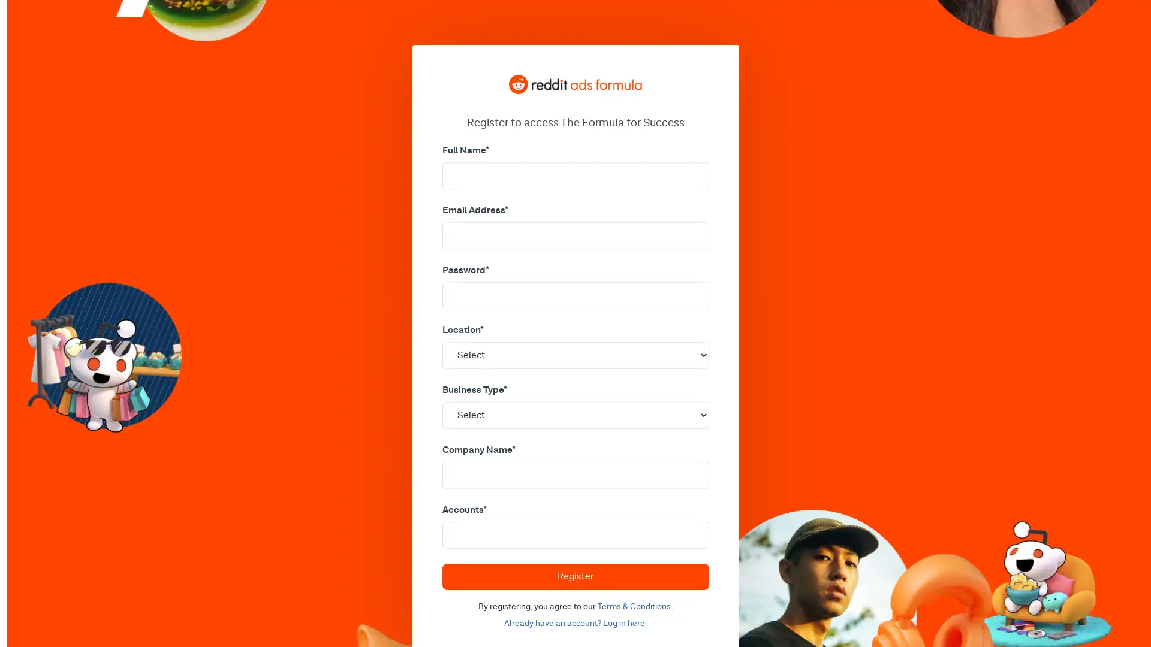  What do you see at coordinates (574, 575) in the screenshot?
I see `Register` at bounding box center [574, 575].